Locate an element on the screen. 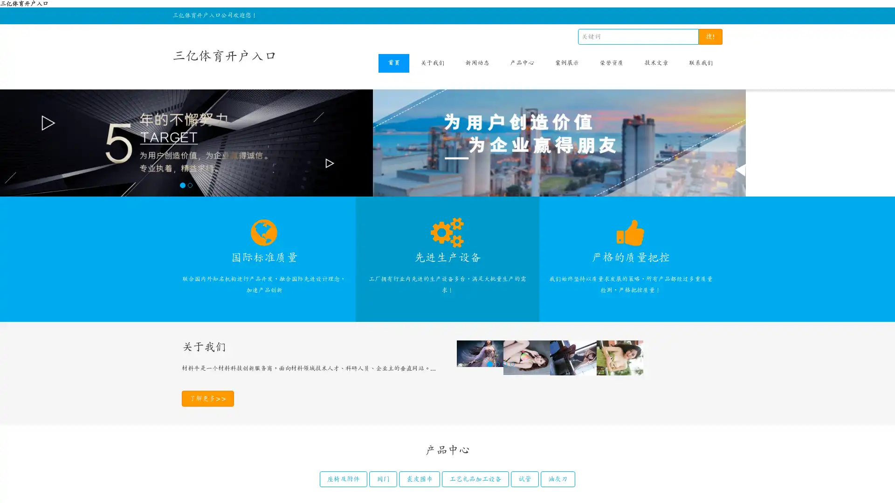 Image resolution: width=895 pixels, height=503 pixels. ! is located at coordinates (710, 36).